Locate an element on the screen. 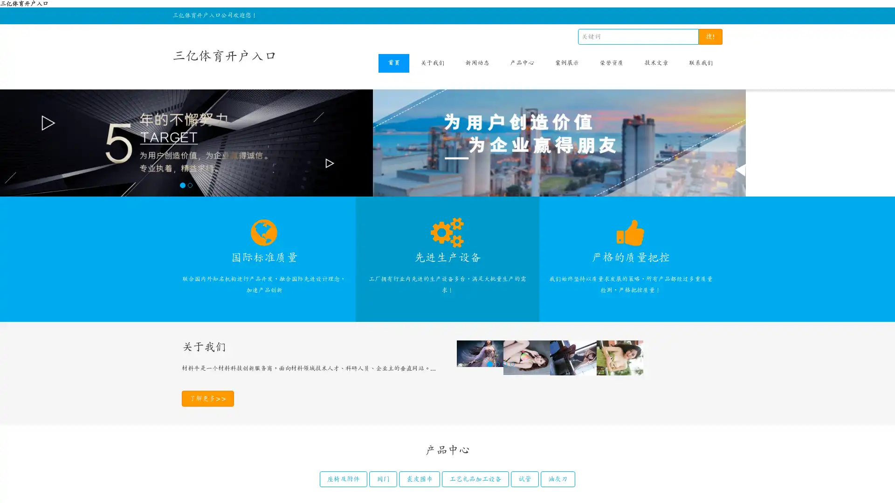 Image resolution: width=895 pixels, height=503 pixels. ! is located at coordinates (710, 36).